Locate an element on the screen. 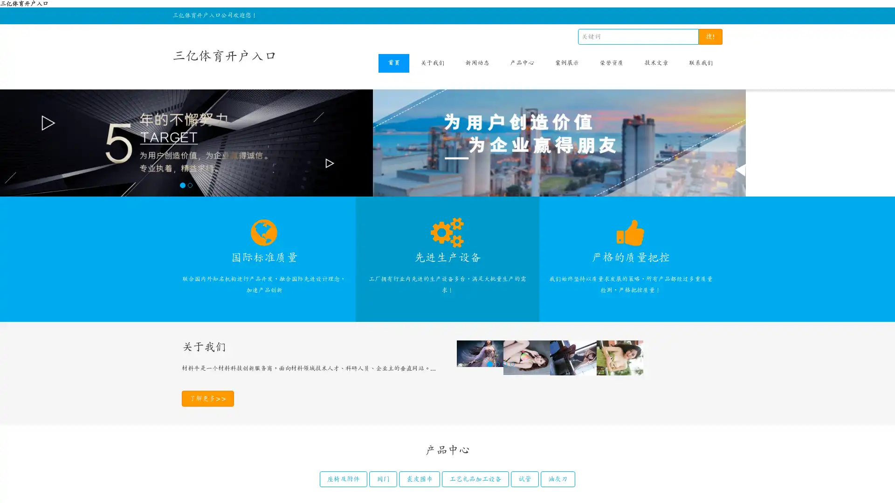 Image resolution: width=895 pixels, height=503 pixels. ! is located at coordinates (710, 36).